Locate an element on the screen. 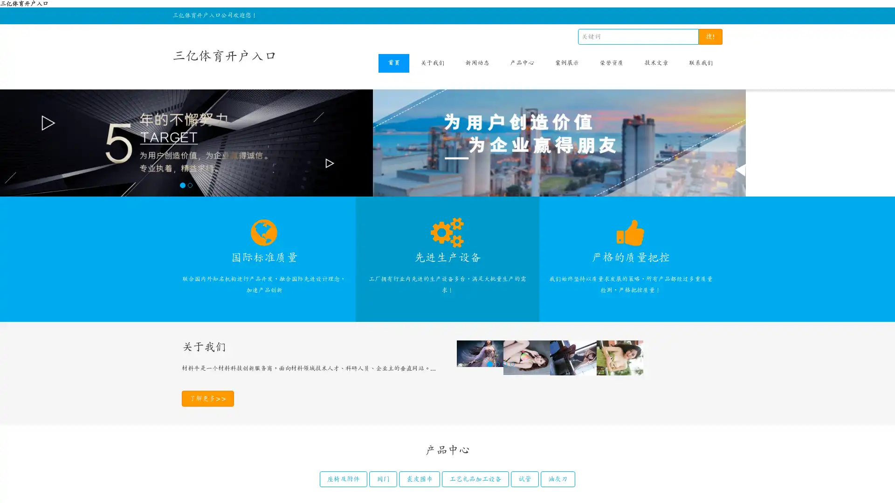 Image resolution: width=895 pixels, height=503 pixels. ! is located at coordinates (710, 36).